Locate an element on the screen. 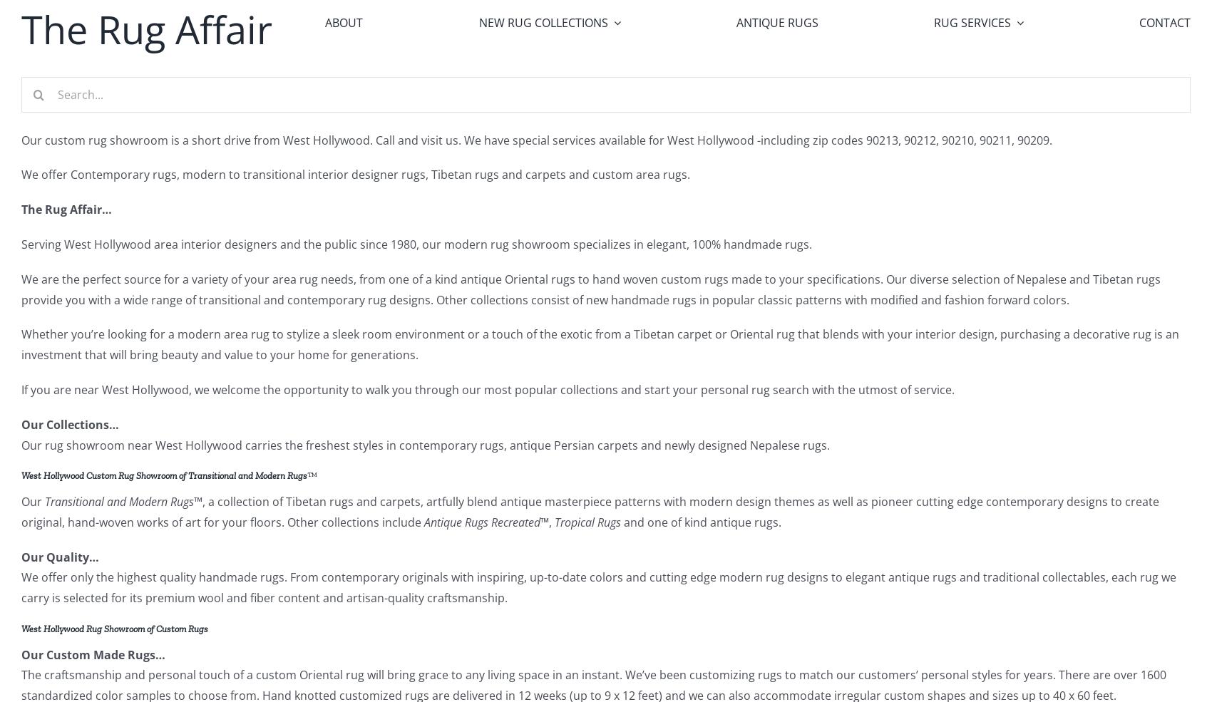  'Antique Rugs' is located at coordinates (776, 21).